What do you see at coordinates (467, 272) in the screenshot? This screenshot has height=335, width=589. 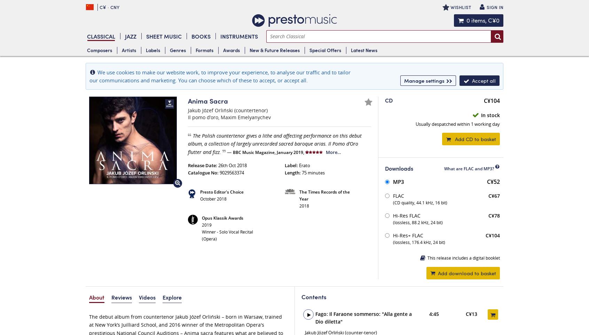 I see `'Add download to basket'` at bounding box center [467, 272].